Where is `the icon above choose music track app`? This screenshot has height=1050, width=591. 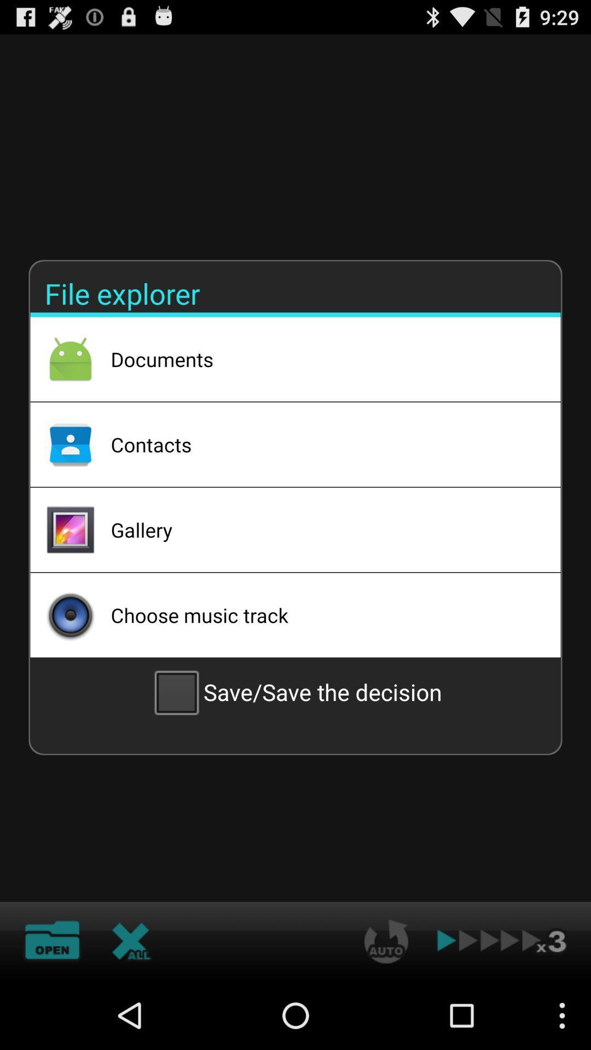 the icon above choose music track app is located at coordinates (321, 530).